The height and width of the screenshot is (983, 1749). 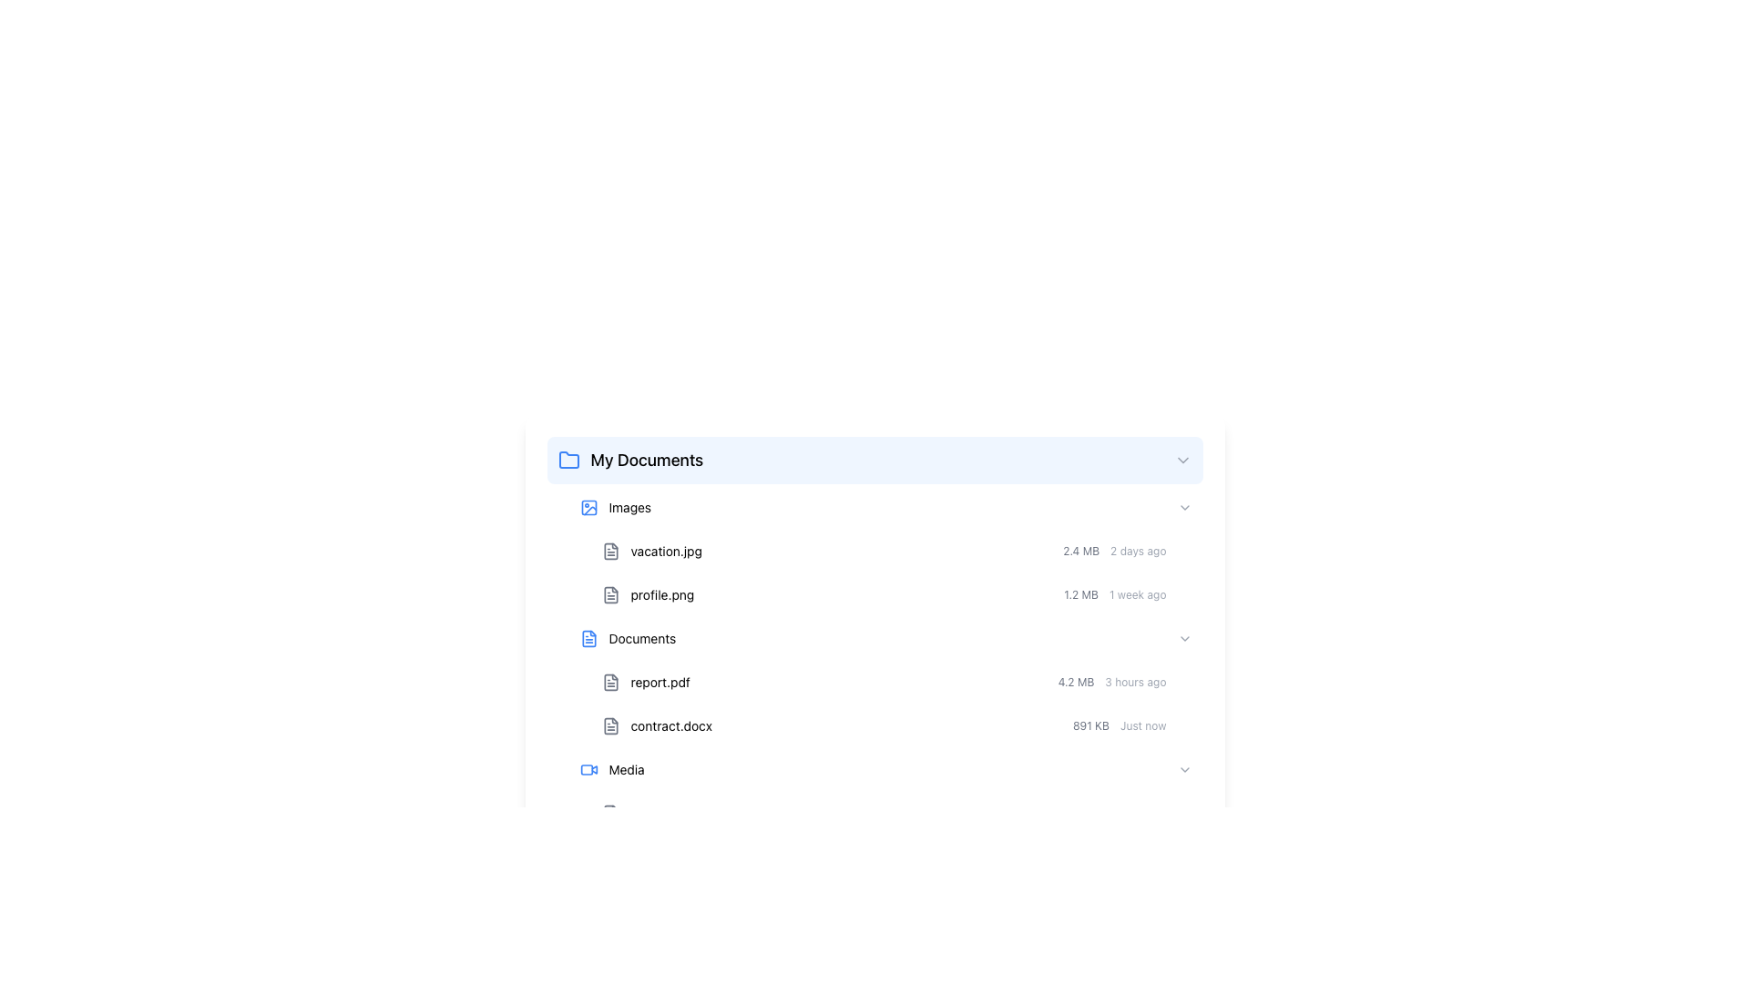 What do you see at coordinates (1137, 595) in the screenshot?
I see `the text label indicating the last modification time of the file, which is located between the '1.2 MB' label and the download icon` at bounding box center [1137, 595].